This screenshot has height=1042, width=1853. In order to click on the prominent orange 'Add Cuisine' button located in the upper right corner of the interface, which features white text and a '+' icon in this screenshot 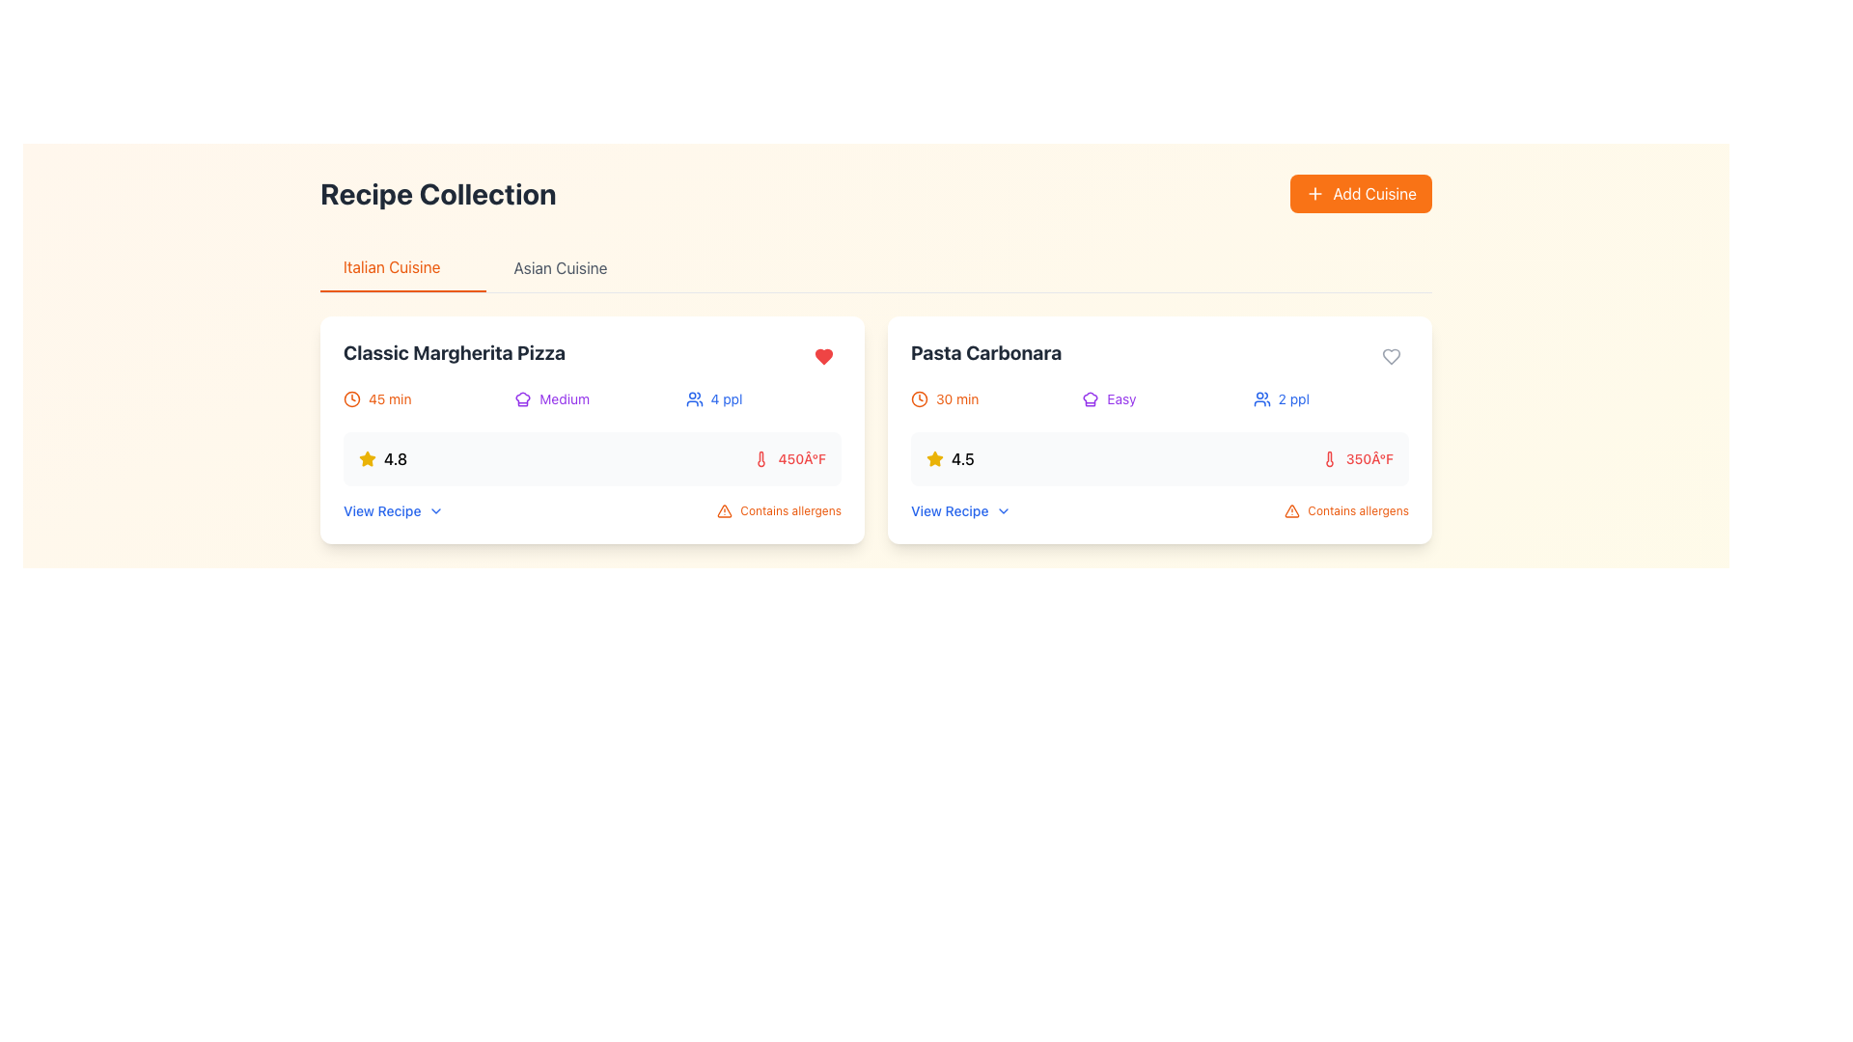, I will do `click(1360, 193)`.